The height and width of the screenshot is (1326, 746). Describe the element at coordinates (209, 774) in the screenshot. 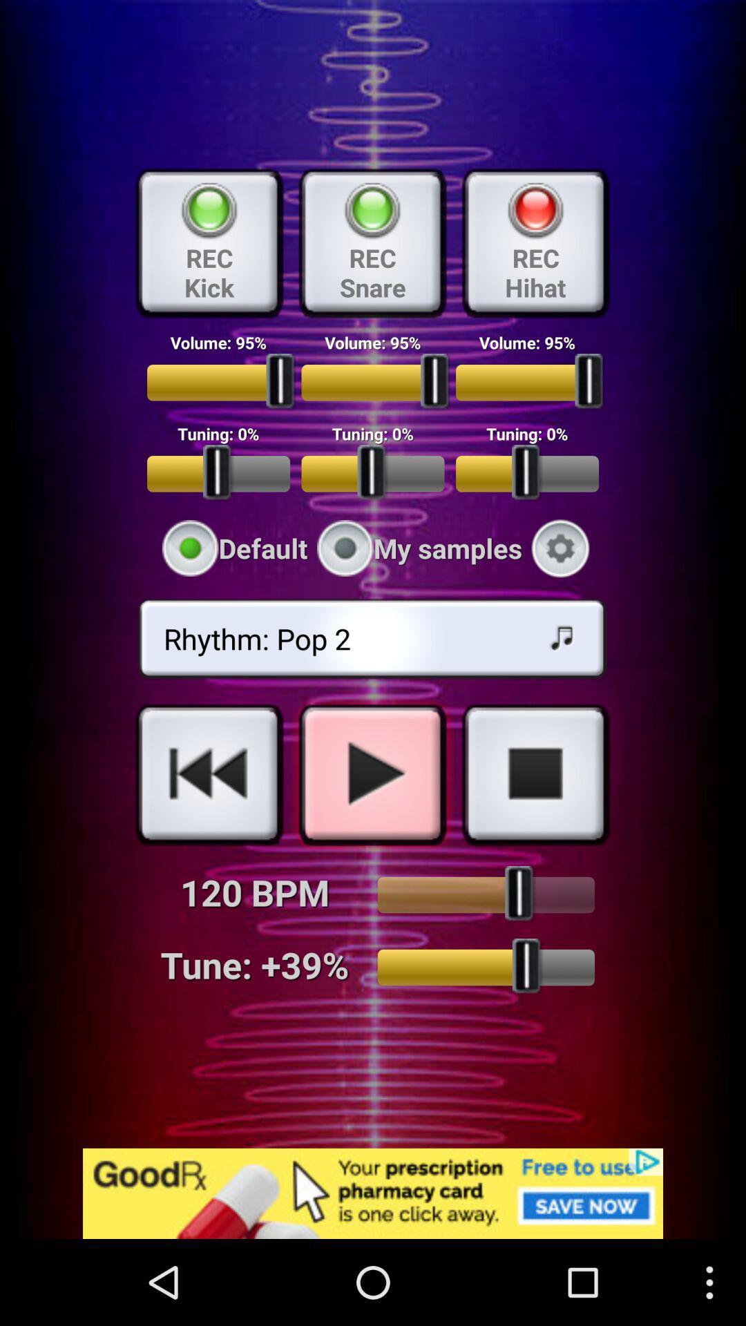

I see `previous` at that location.